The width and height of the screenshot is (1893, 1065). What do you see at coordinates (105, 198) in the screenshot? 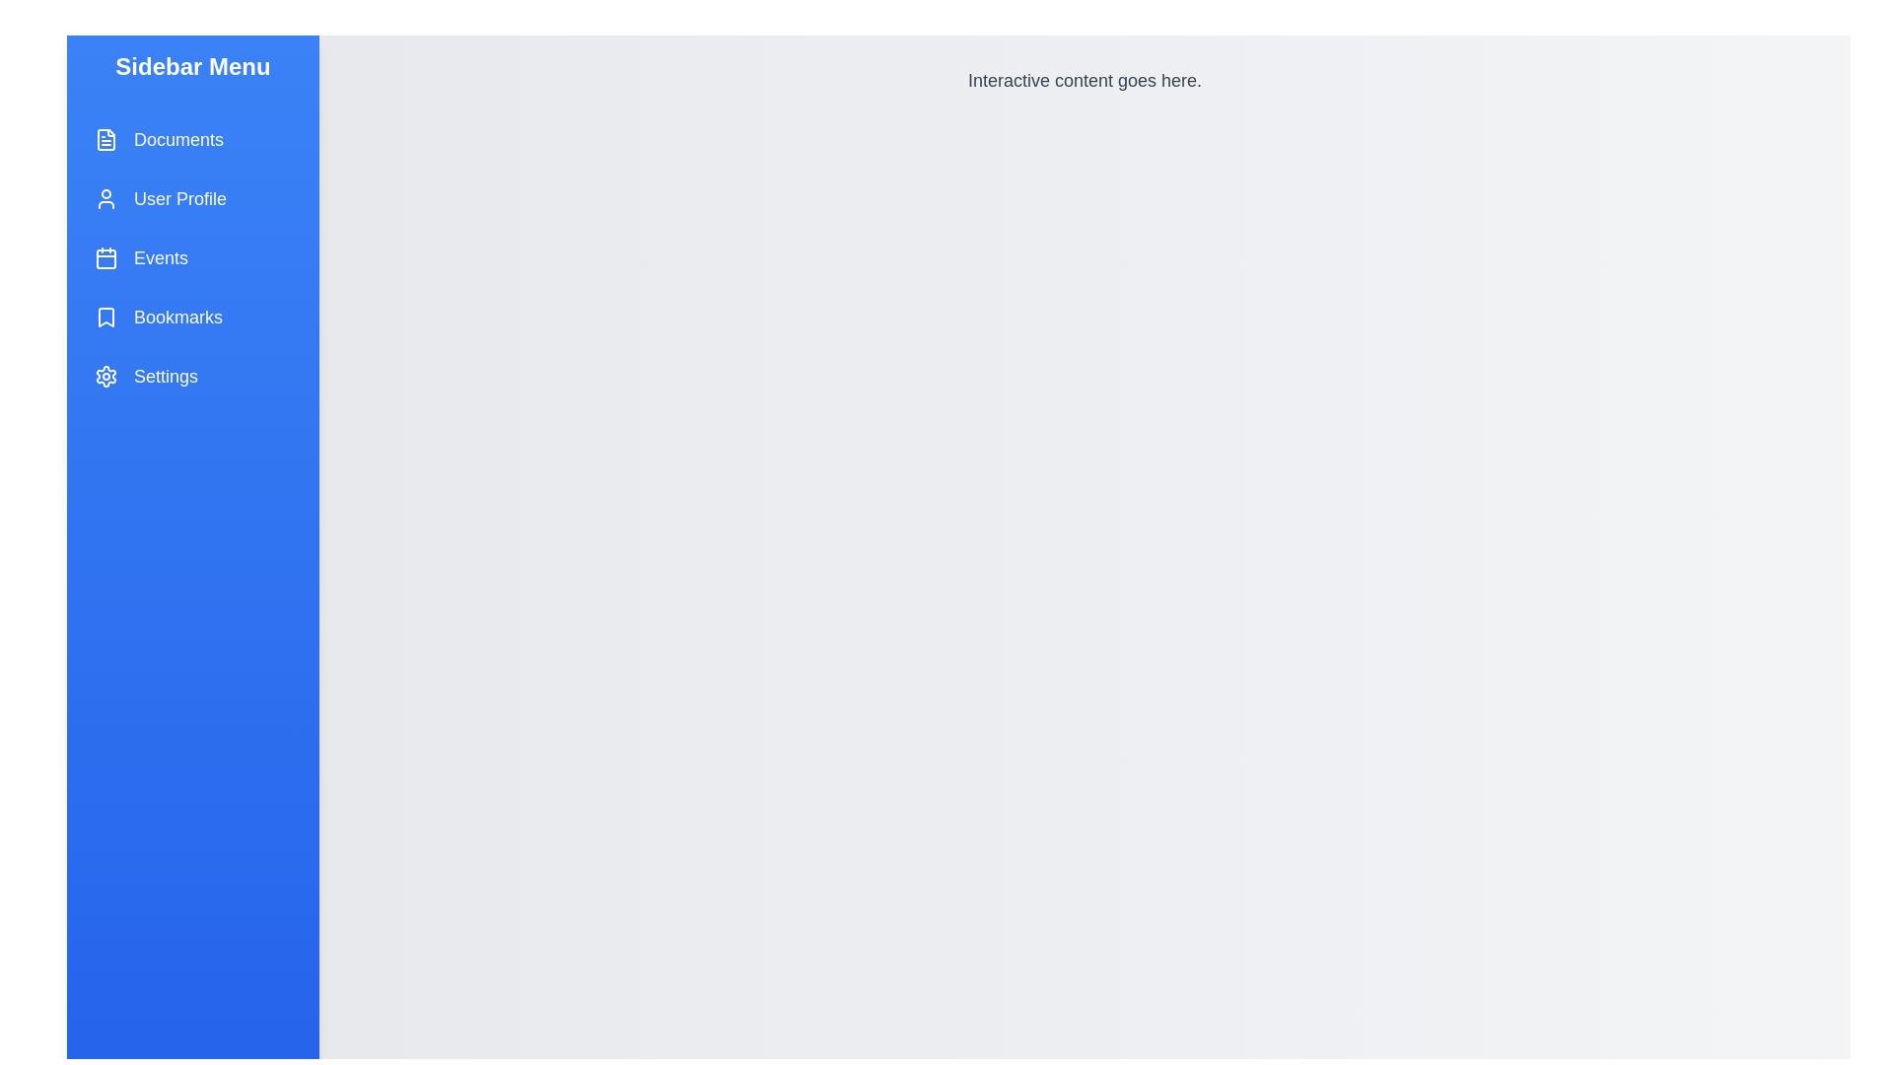
I see `the icon representing User Profile` at bounding box center [105, 198].